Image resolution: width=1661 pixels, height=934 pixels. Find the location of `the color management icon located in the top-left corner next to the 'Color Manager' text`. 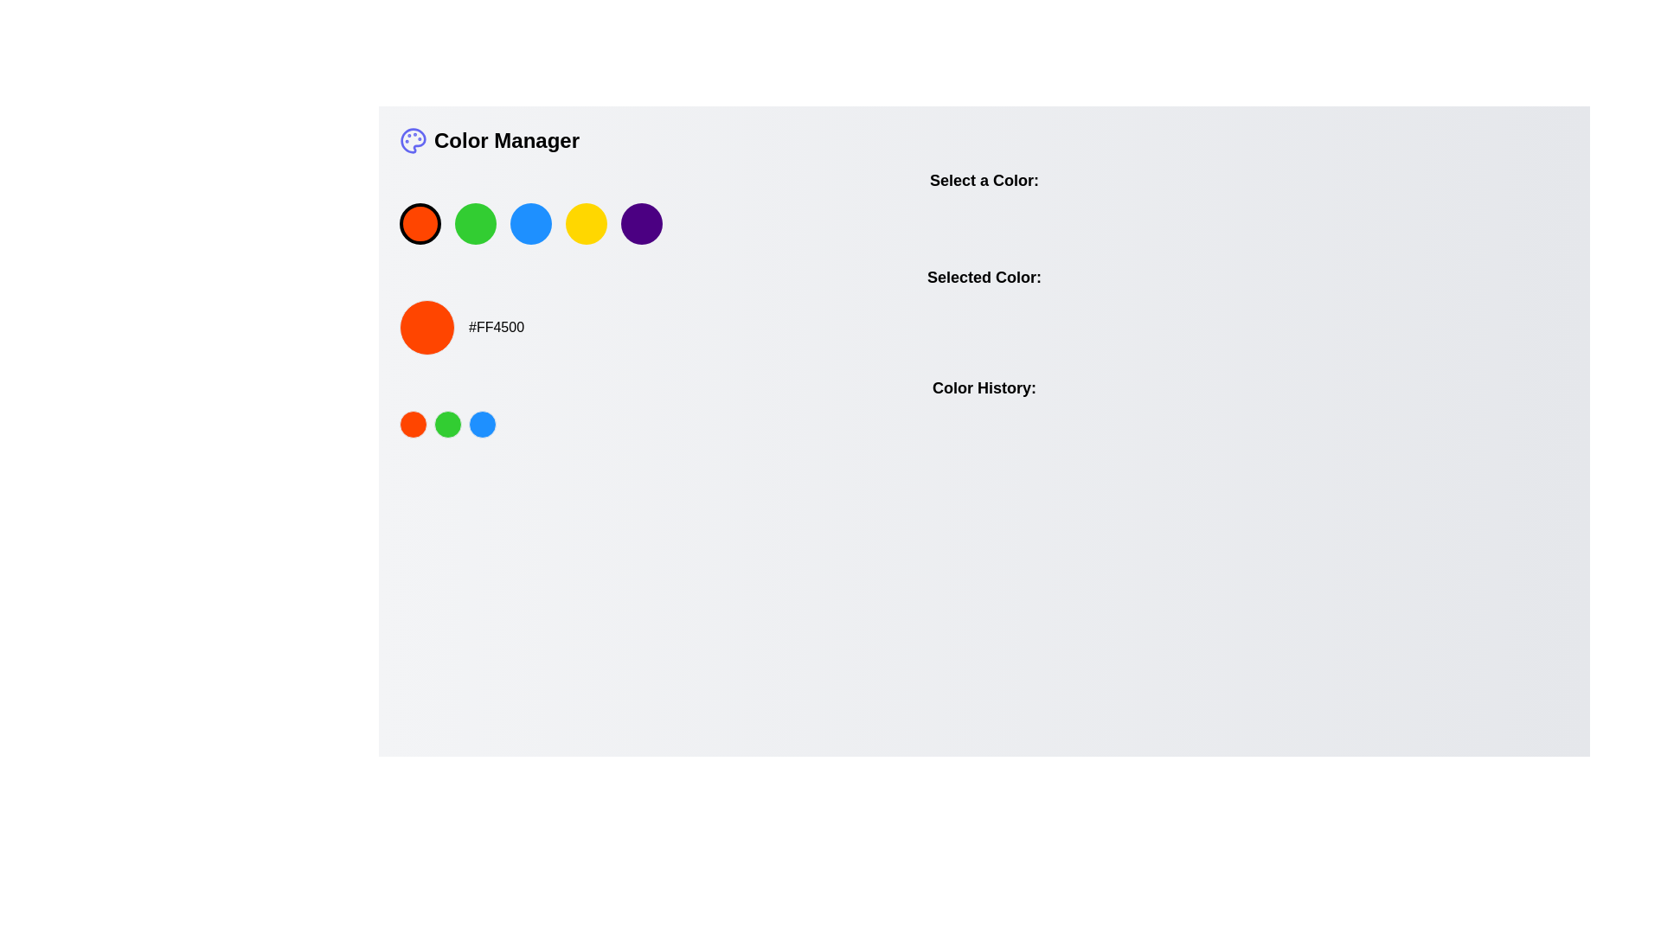

the color management icon located in the top-left corner next to the 'Color Manager' text is located at coordinates (413, 139).